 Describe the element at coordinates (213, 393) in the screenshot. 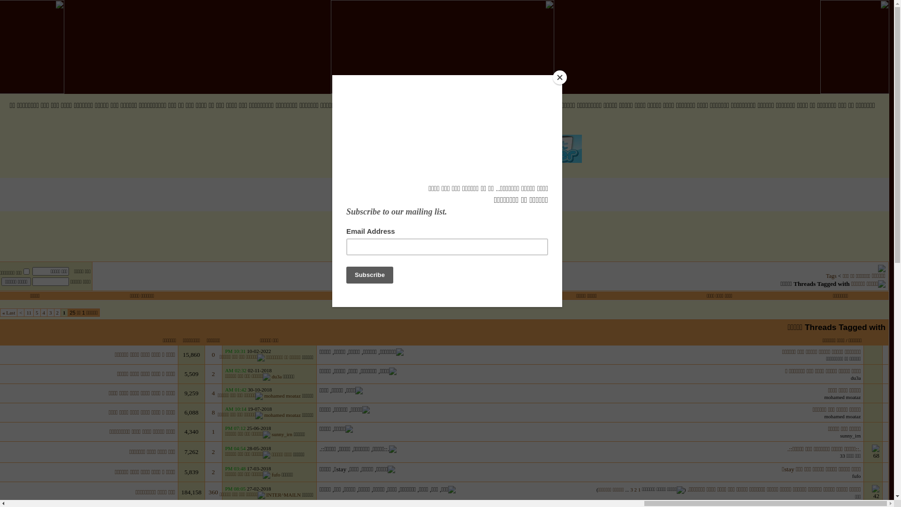

I see `'4'` at that location.